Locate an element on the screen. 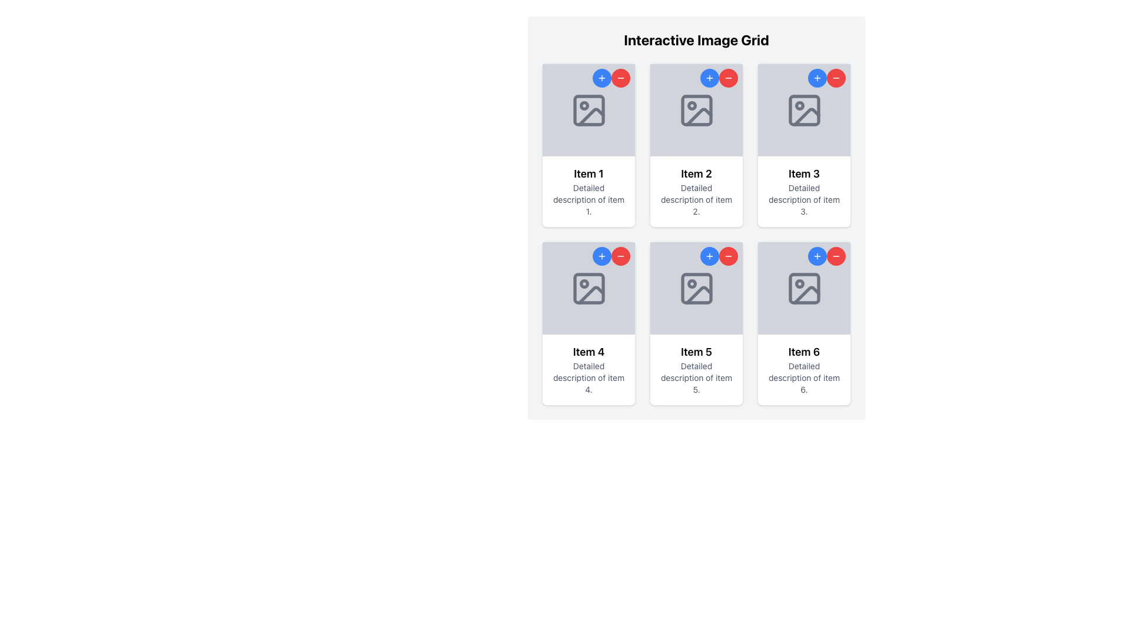 This screenshot has height=635, width=1130. the Text Display element containing 'Item 2' in bold and a description in gray, located in the second column of the first row of a 3x2 grid structure is located at coordinates (696, 191).